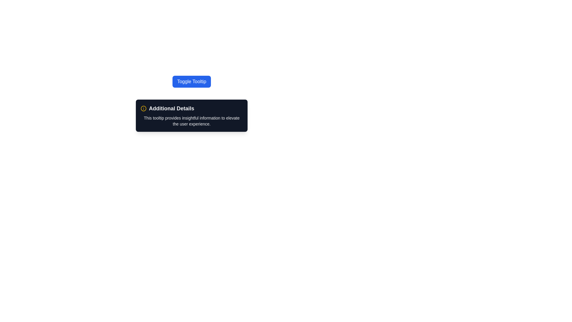 The image size is (572, 322). What do you see at coordinates (192, 81) in the screenshot?
I see `the 'Toggle Tooltip' button, which is a blue rectangular button with white font and rounded corners` at bounding box center [192, 81].